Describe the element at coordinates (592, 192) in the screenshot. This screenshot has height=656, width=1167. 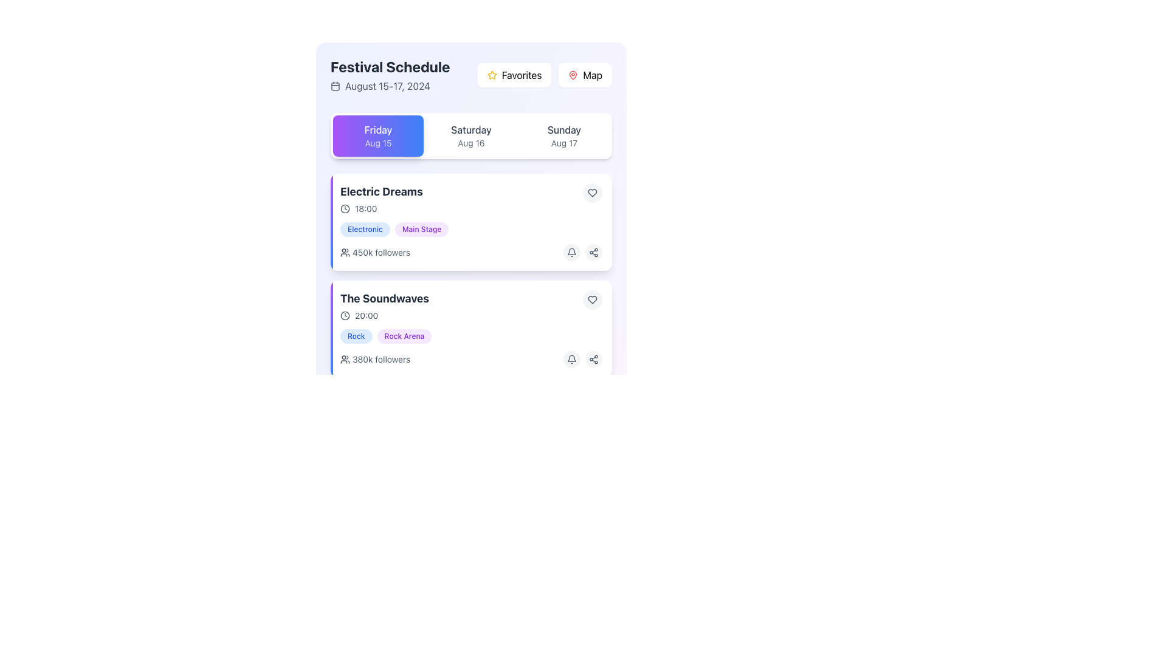
I see `the favorite button located in the top-right corner of the 'Electric Dreams' event card` at that location.